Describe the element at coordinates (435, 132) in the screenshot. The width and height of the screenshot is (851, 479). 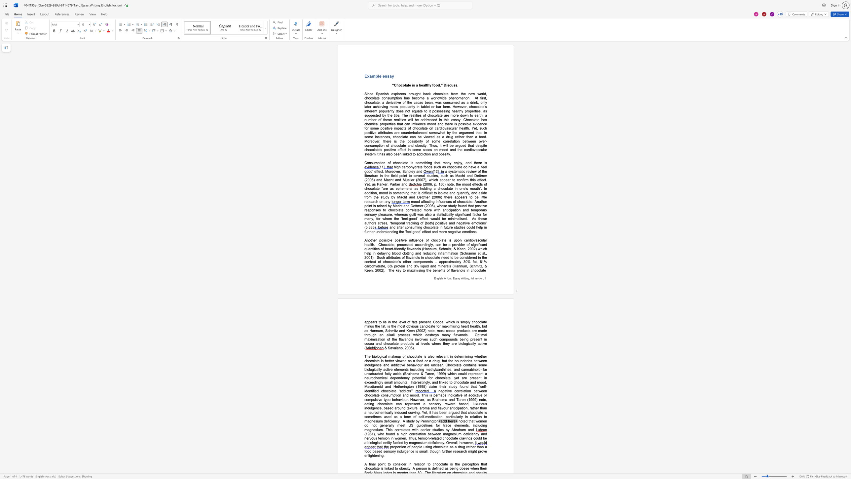
I see `the space between the continuous character "m" and "e" in the text` at that location.